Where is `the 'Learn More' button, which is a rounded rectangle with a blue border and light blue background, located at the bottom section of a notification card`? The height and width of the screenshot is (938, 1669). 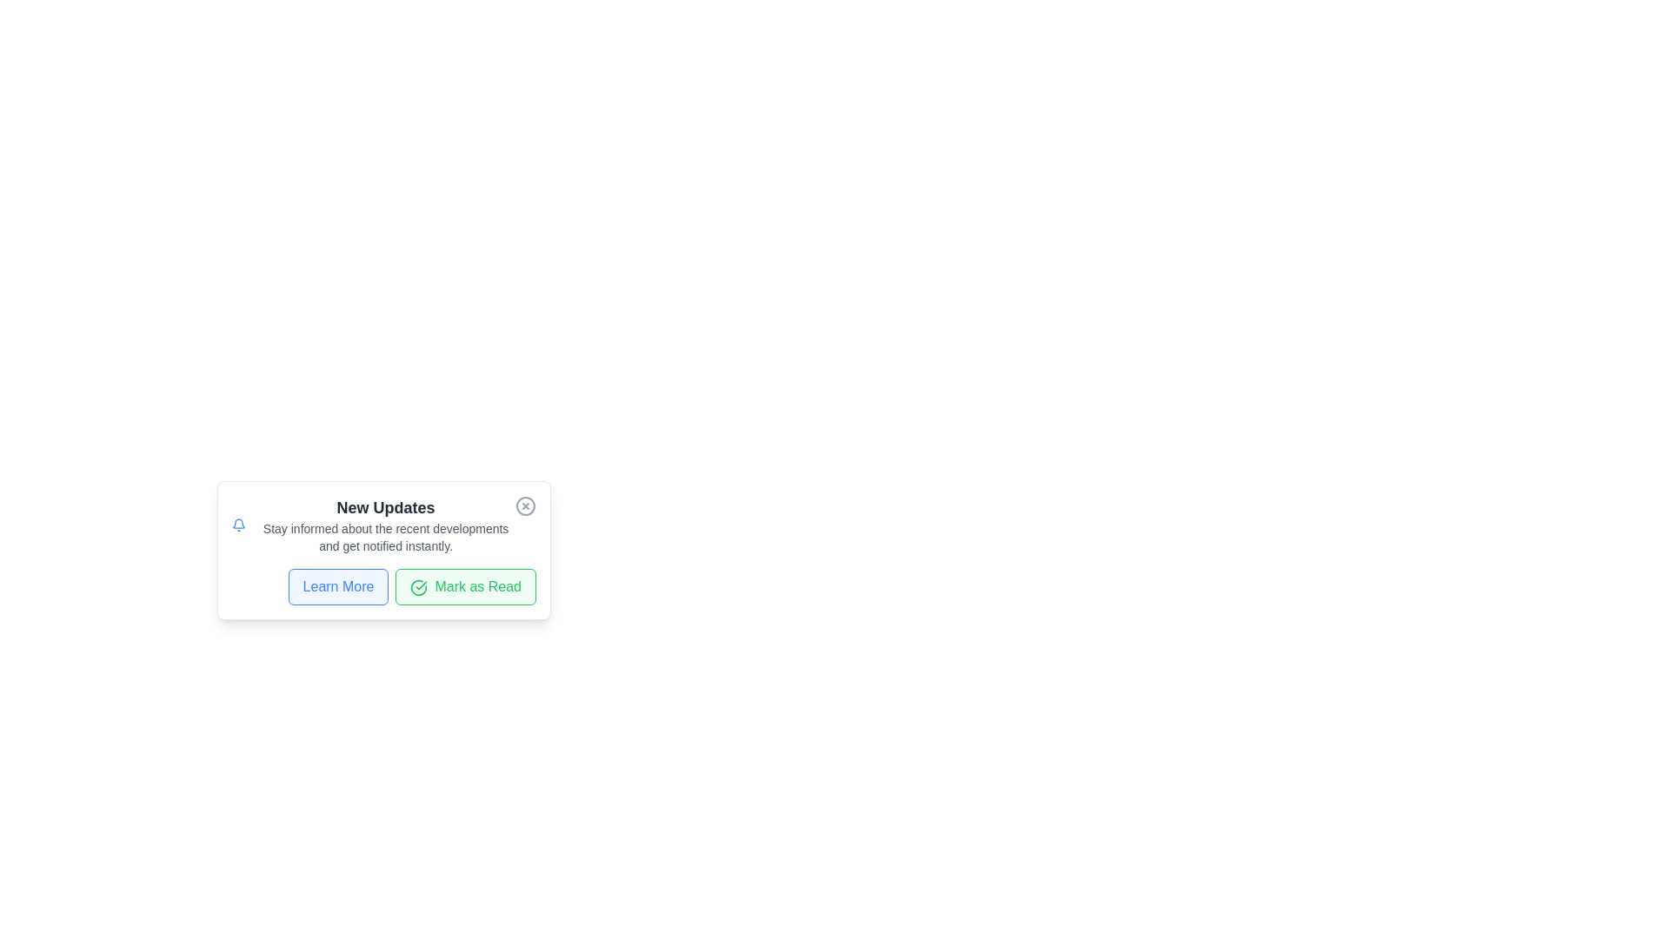 the 'Learn More' button, which is a rounded rectangle with a blue border and light blue background, located at the bottom section of a notification card is located at coordinates (338, 586).